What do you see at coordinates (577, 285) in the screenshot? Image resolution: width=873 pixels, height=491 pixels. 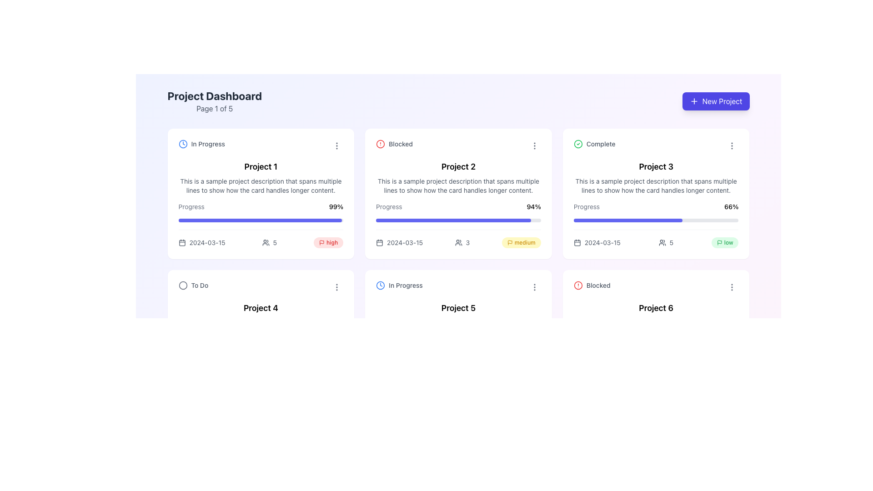 I see `the circular red icon with a white interior and a red alert symbol located to the left of the text 'Blocked' in the second card of the second row` at bounding box center [577, 285].